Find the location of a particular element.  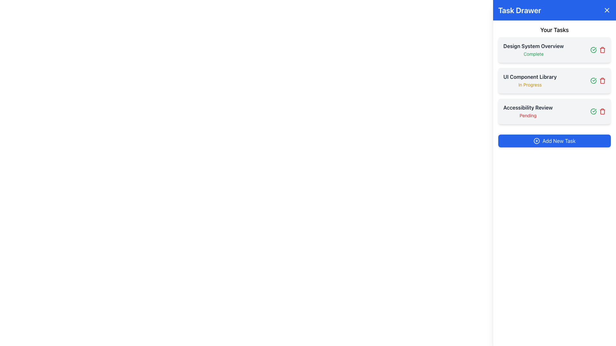

the completed task indicator icon button located on the far right side of the 'Design System Overview' listing in the 'Your Tasks' section is located at coordinates (593, 49).